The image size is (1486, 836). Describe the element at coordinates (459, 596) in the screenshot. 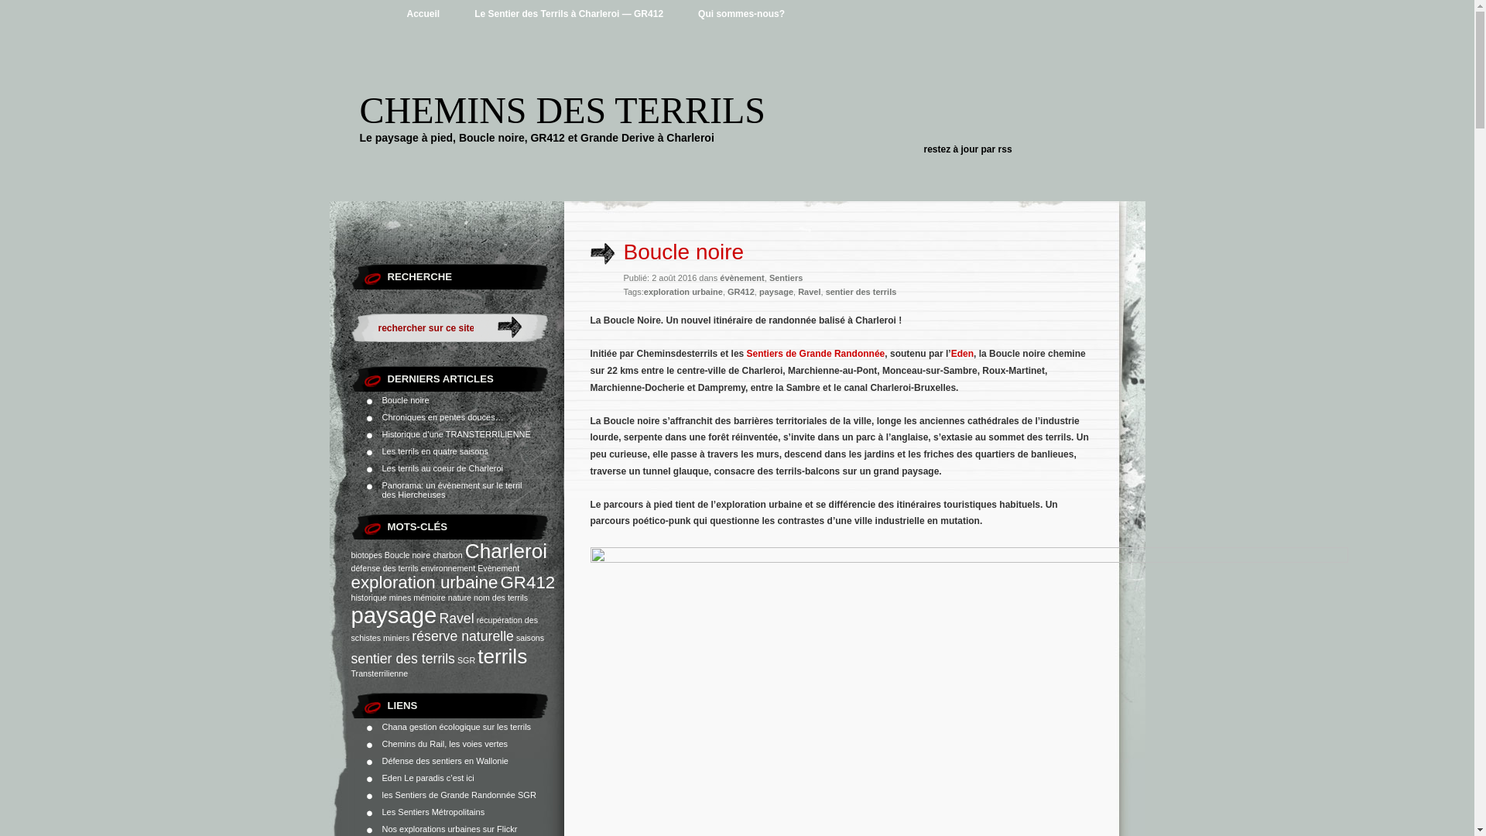

I see `'nature'` at that location.